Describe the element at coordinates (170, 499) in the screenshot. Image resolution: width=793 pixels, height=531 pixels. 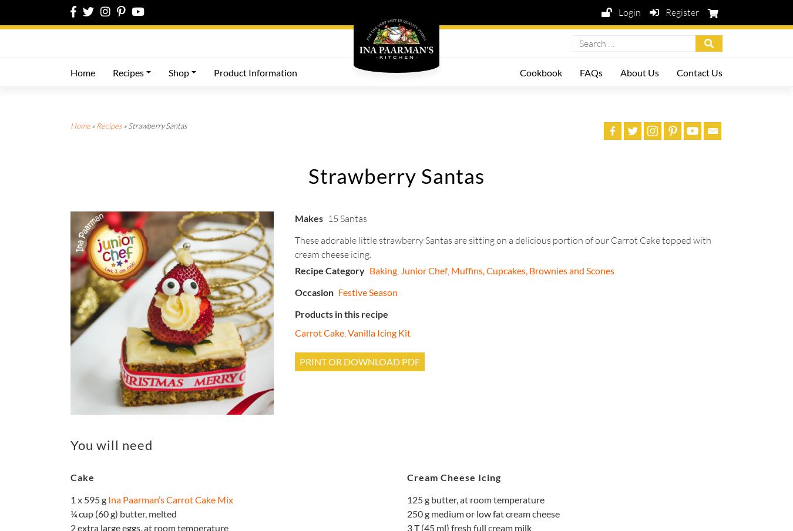
I see `'Ina Paarman’s Carrot Cake Mix'` at that location.